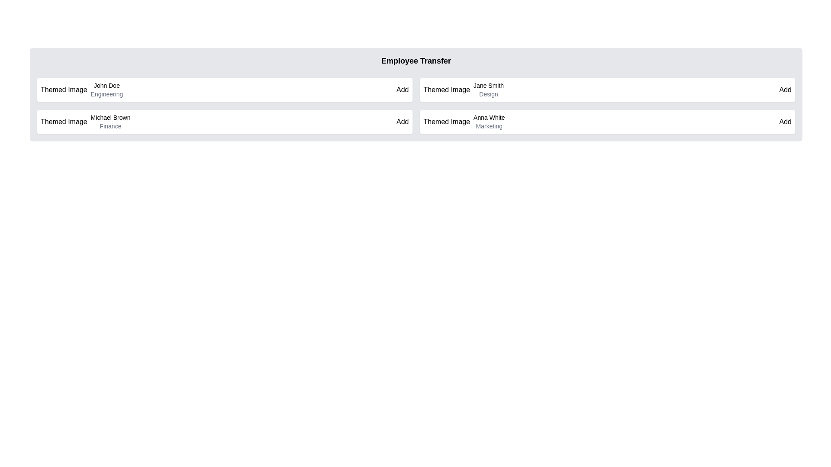 The width and height of the screenshot is (831, 467). Describe the element at coordinates (447, 122) in the screenshot. I see `the text label indicating the themed image associated with the card's content, located at the top-left corner of the card structure` at that location.